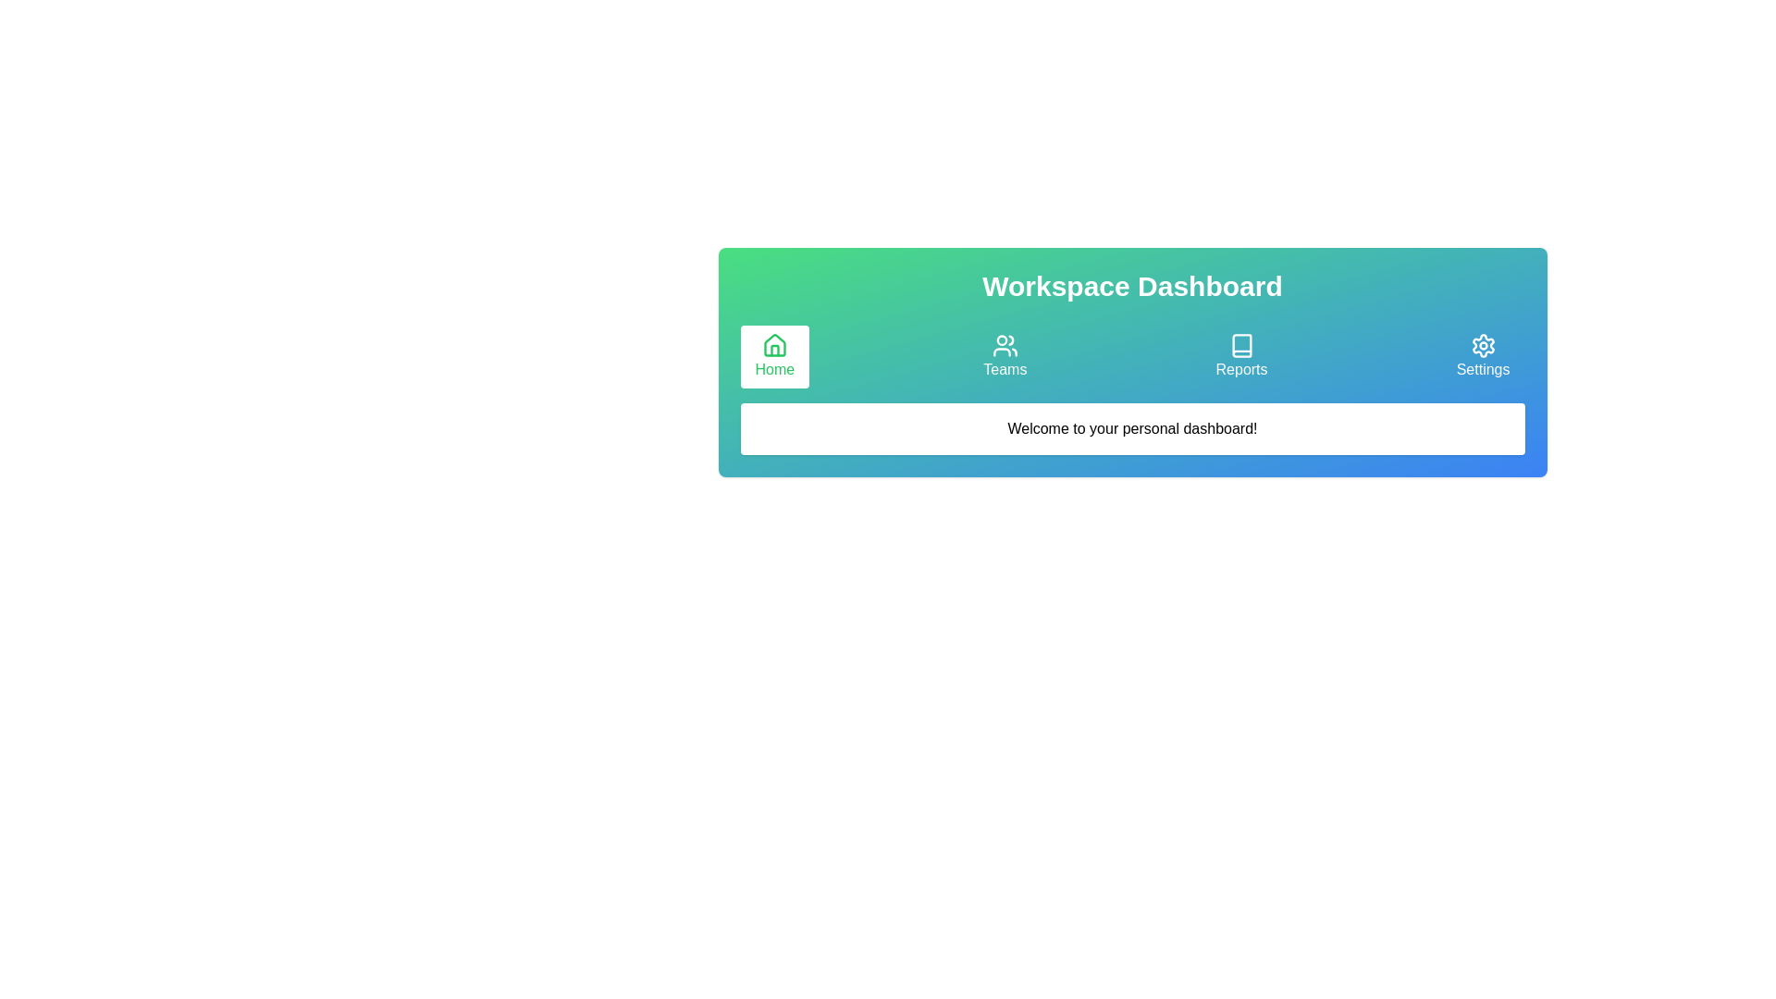 Image resolution: width=1776 pixels, height=999 pixels. Describe the element at coordinates (1131, 286) in the screenshot. I see `the large, bold header text reading 'Workspace Dashboard' that is centered at the top of the page and displayed in white font against a gradient background` at that location.